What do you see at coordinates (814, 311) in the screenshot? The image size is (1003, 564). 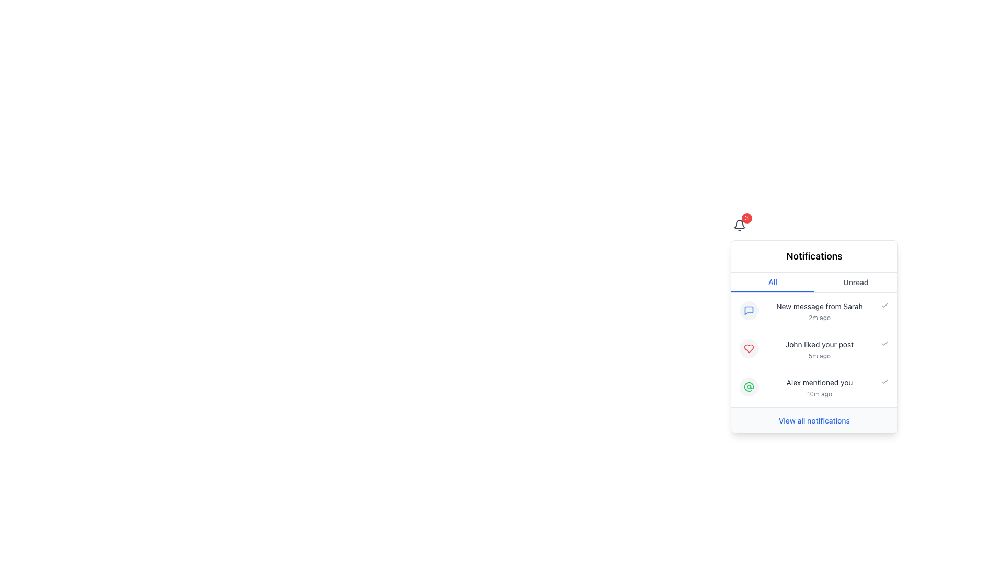 I see `the notification item indicating 'Sarah' has sent a new message 2 minutes ago, which is positioned at the top of the notifications list` at bounding box center [814, 311].